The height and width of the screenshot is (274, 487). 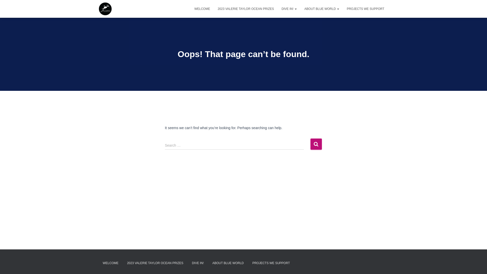 What do you see at coordinates (246, 9) in the screenshot?
I see `'2023 VALERIE TAYLOR OCEAN PRIZES'` at bounding box center [246, 9].